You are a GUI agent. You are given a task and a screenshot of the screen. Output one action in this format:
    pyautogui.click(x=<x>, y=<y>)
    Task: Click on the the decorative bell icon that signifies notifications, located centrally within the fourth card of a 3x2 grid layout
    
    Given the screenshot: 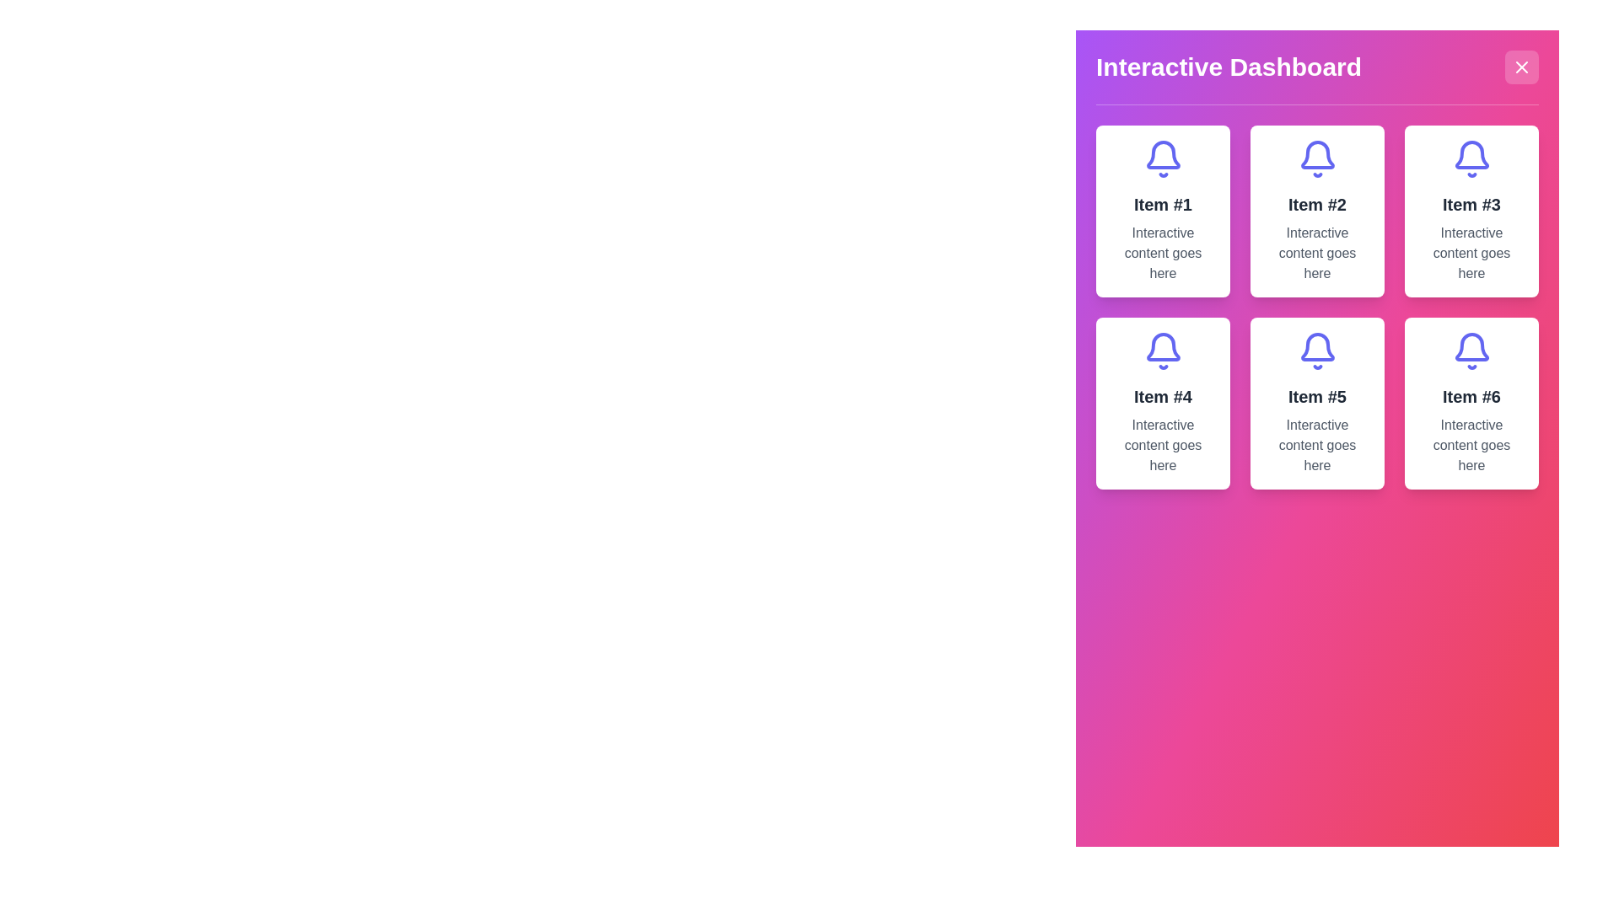 What is the action you would take?
    pyautogui.click(x=1162, y=346)
    